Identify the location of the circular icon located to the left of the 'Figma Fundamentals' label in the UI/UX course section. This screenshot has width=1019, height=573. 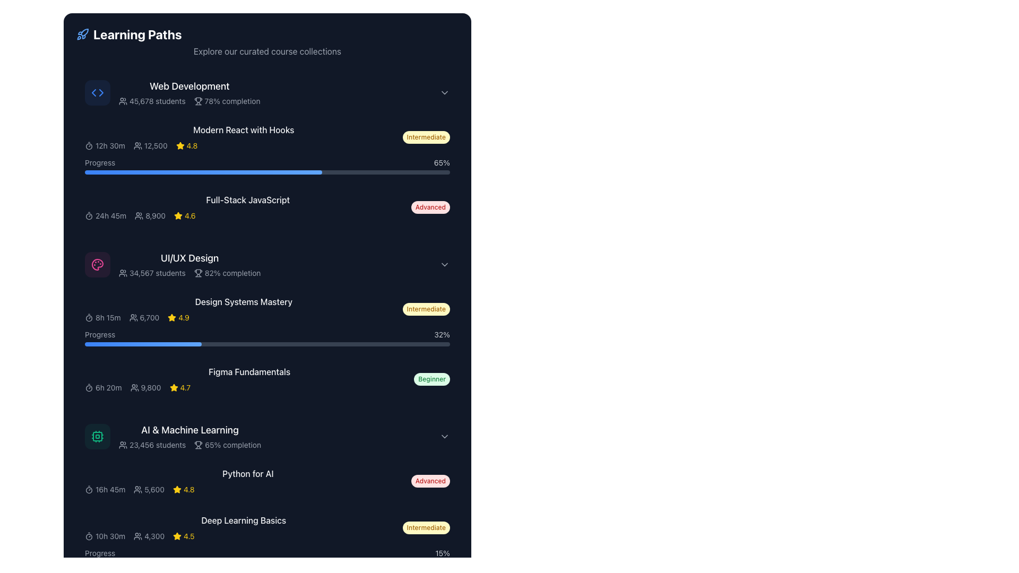
(89, 388).